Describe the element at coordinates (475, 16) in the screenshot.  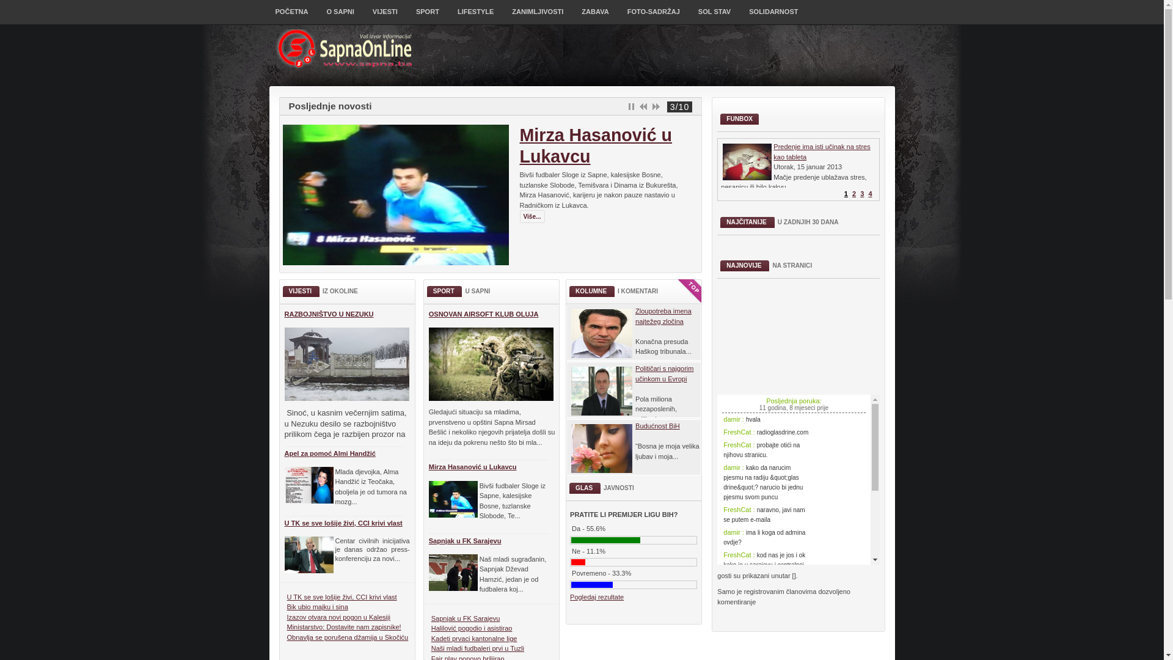
I see `'LIFESTYLE'` at that location.